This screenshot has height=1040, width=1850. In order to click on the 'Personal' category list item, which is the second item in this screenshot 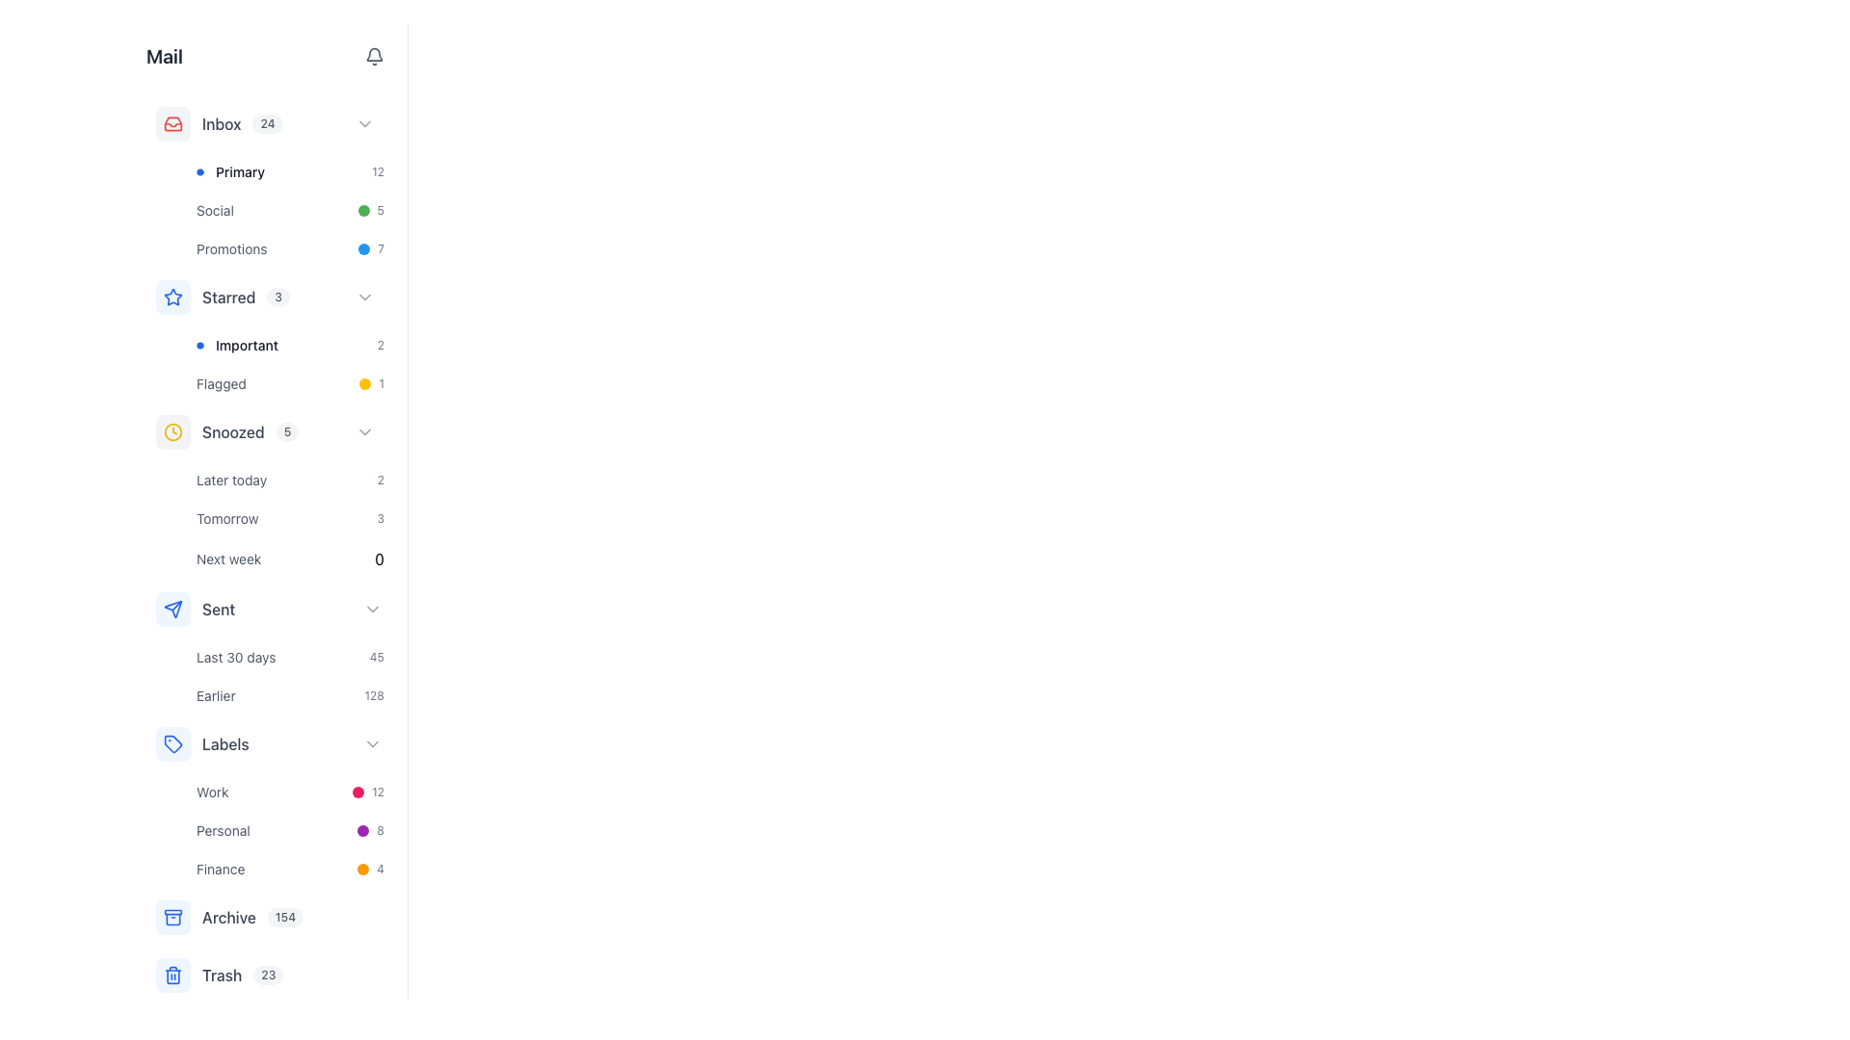, I will do `click(289, 830)`.